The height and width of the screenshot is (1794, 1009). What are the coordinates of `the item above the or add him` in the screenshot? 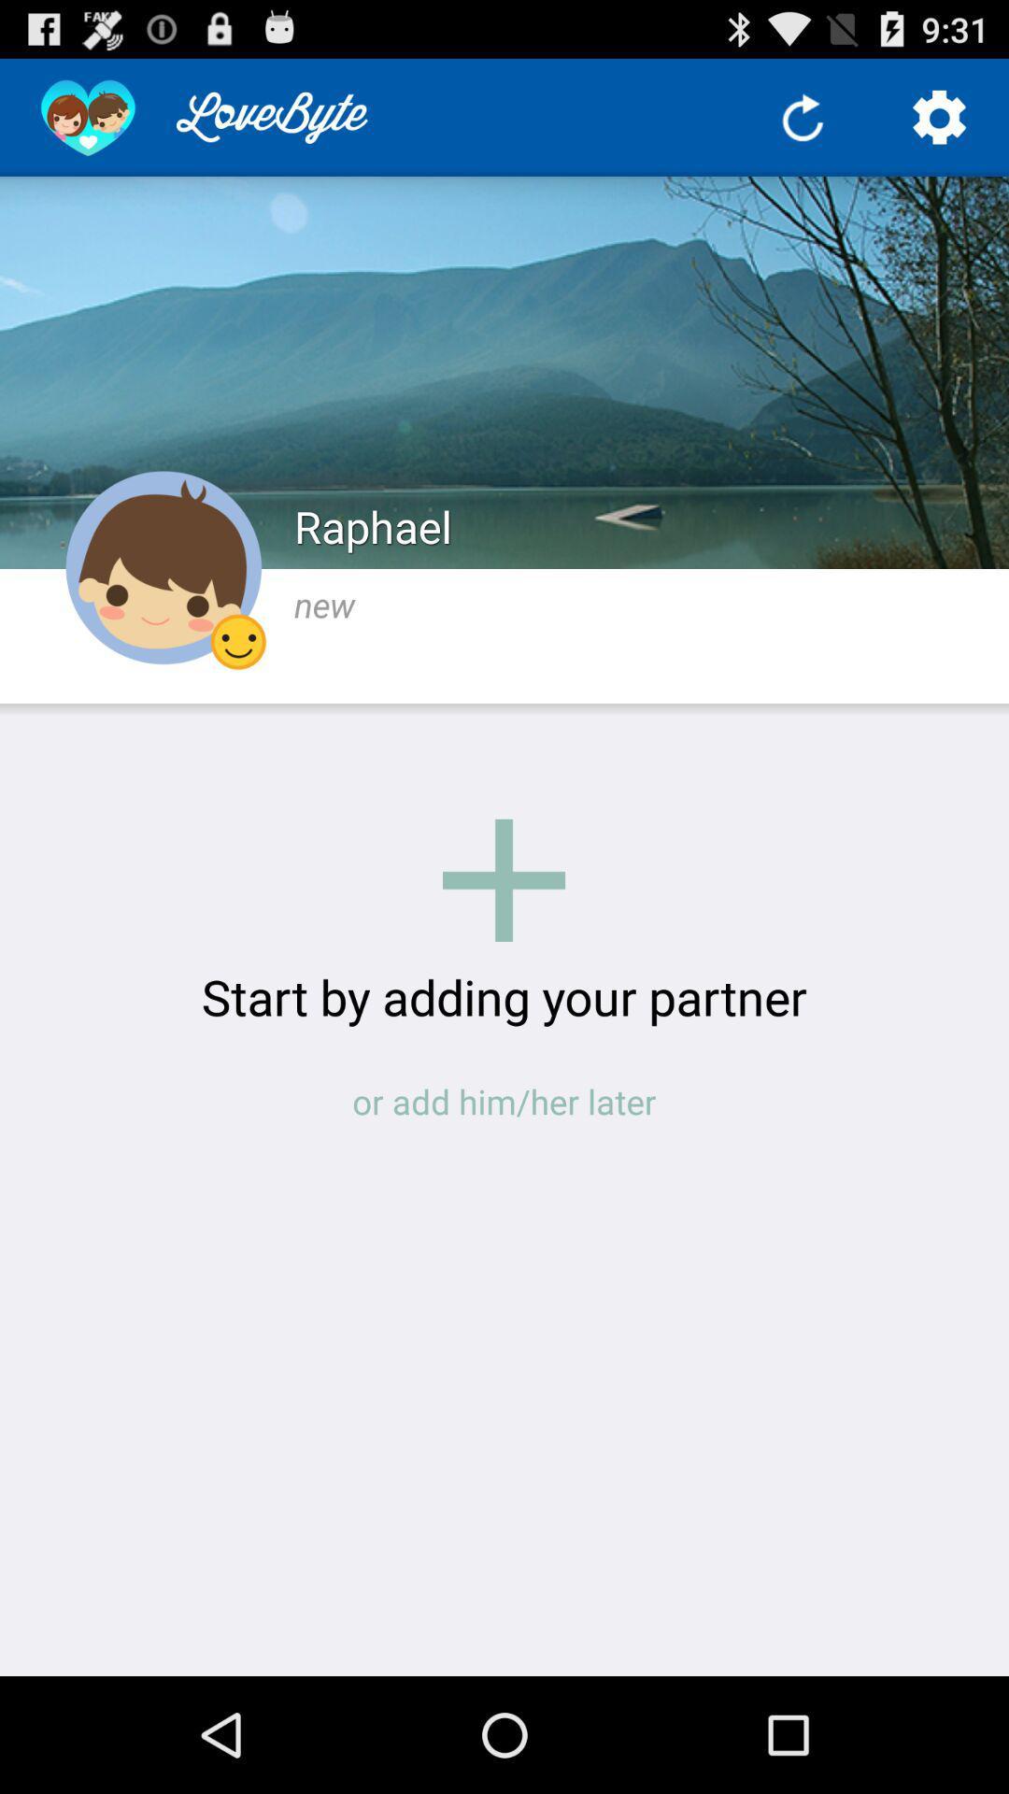 It's located at (504, 995).